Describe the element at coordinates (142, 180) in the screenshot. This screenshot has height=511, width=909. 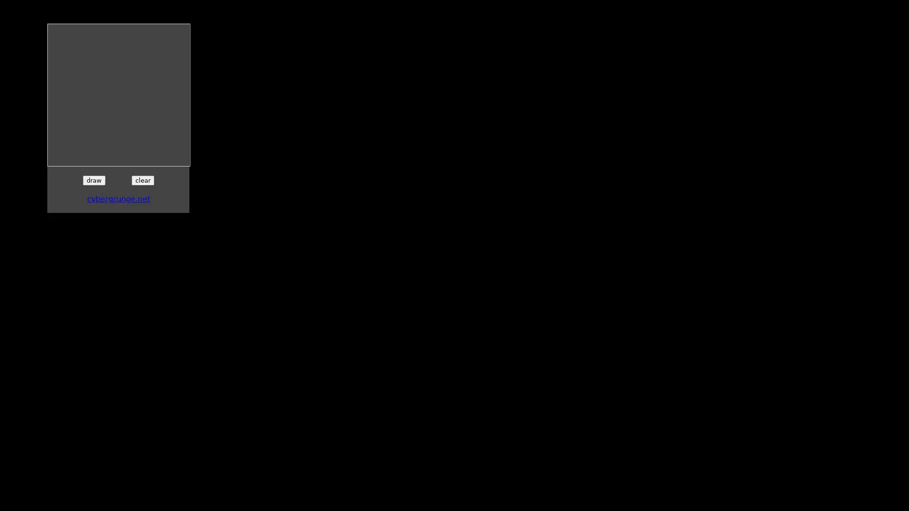
I see `clear` at that location.